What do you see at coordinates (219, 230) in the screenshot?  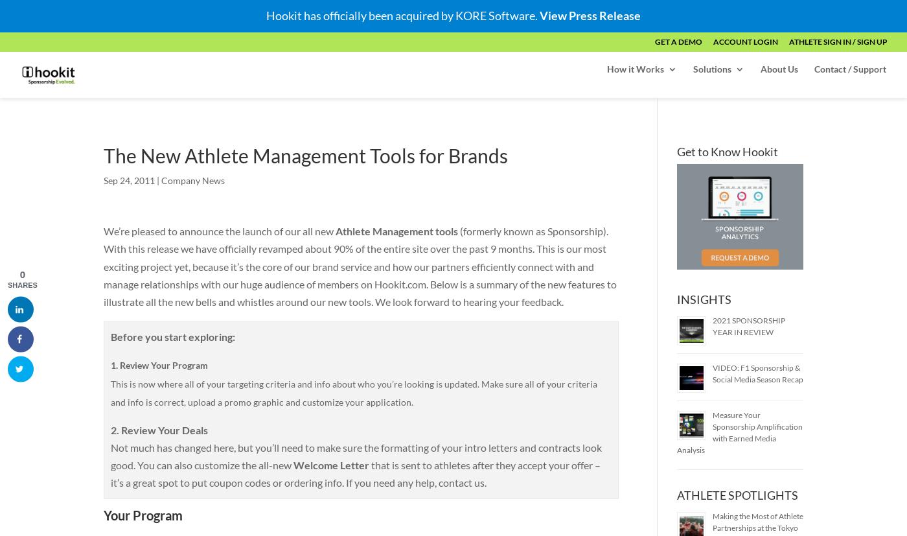 I see `'We’re pleased to announce the launch of our all new'` at bounding box center [219, 230].